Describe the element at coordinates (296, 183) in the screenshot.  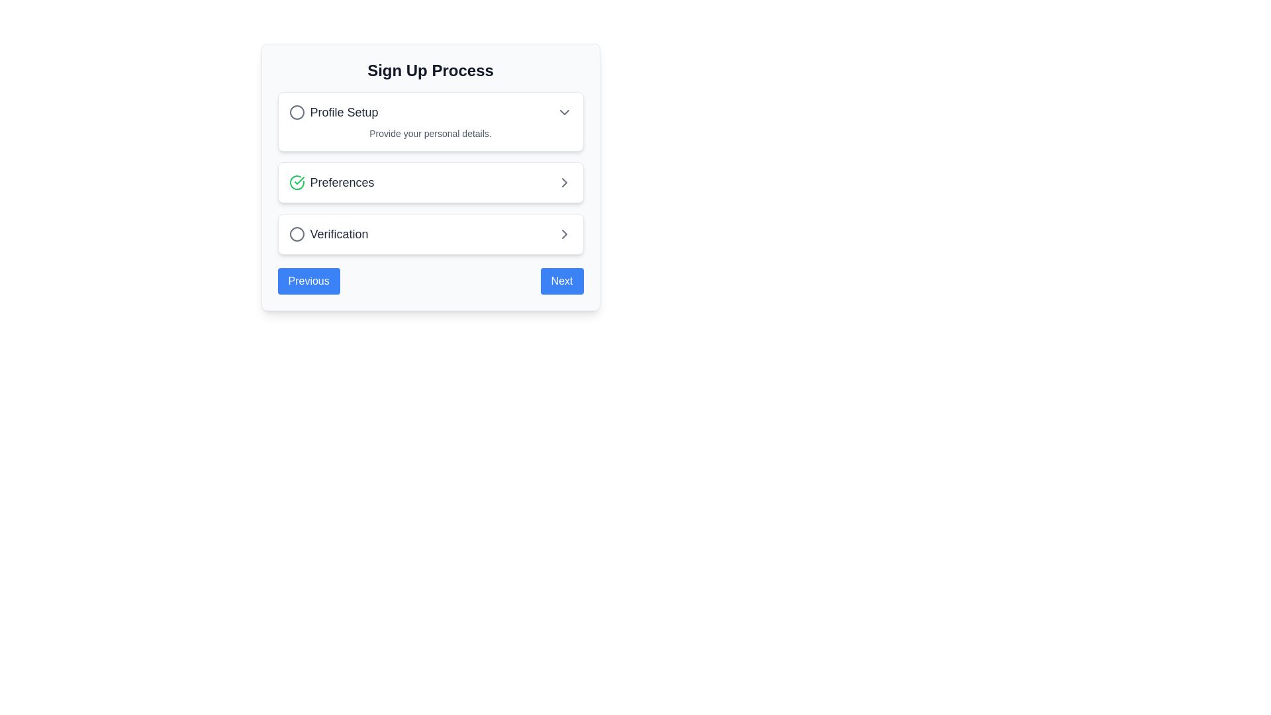
I see `the completion indicator icon located to the left of the 'Preferences' text, which indicates that the 'Preferences' step has been completed successfully` at that location.